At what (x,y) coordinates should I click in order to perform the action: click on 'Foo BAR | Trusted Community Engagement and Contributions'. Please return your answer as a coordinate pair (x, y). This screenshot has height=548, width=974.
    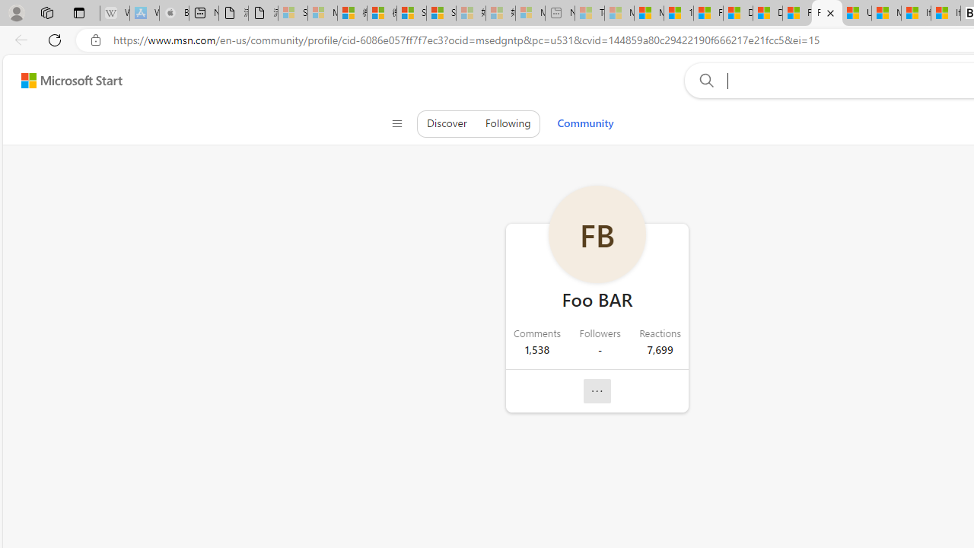
    Looking at the image, I should click on (826, 13).